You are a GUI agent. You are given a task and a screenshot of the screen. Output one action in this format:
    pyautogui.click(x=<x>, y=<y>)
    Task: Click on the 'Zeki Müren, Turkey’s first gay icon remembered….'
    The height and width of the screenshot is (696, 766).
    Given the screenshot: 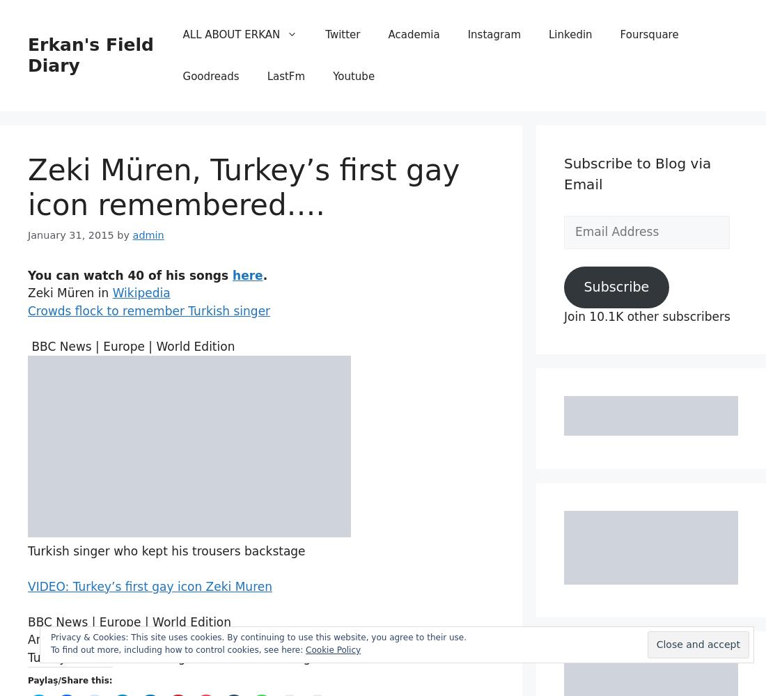 What is the action you would take?
    pyautogui.click(x=244, y=187)
    